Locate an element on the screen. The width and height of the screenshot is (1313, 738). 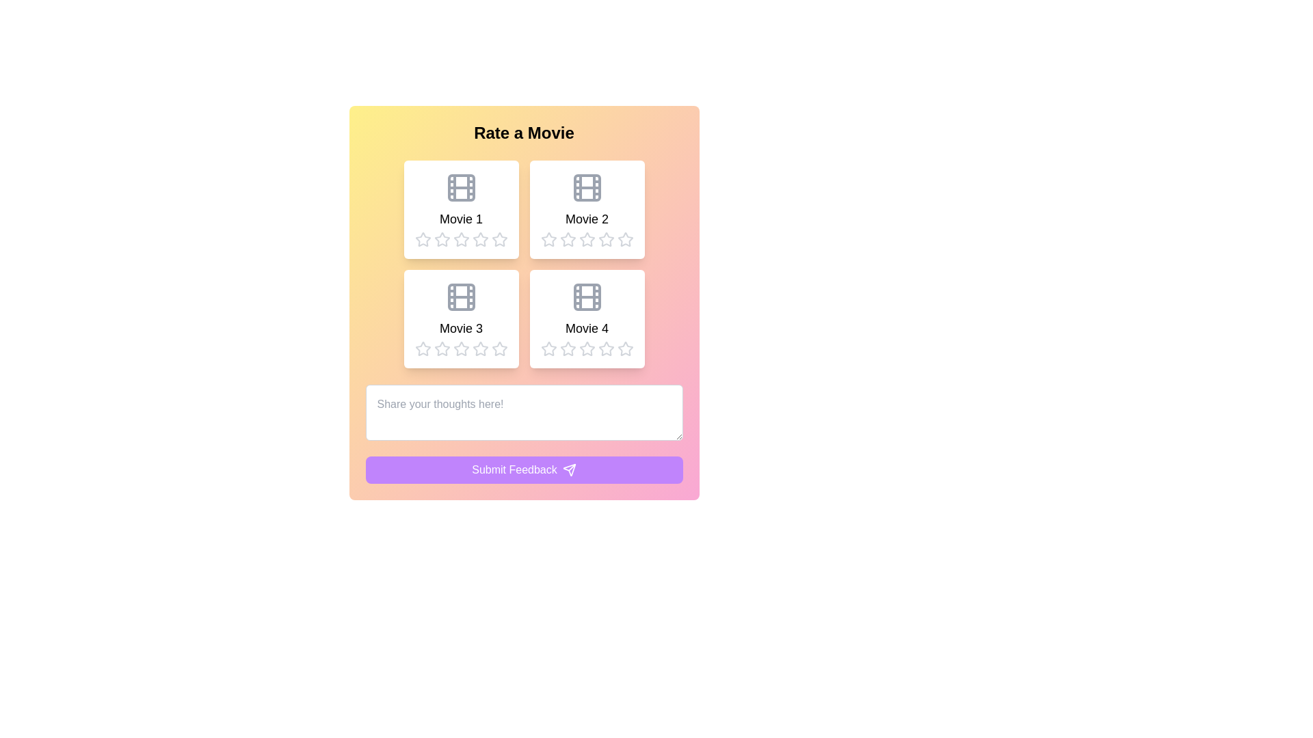
the second star in the 5-star rating component under the 'Movie 1' section is located at coordinates (499, 238).